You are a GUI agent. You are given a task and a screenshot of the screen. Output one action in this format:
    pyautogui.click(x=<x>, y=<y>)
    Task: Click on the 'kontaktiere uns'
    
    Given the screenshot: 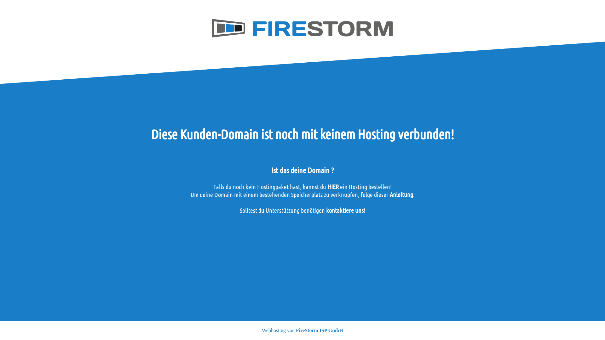 What is the action you would take?
    pyautogui.click(x=344, y=210)
    